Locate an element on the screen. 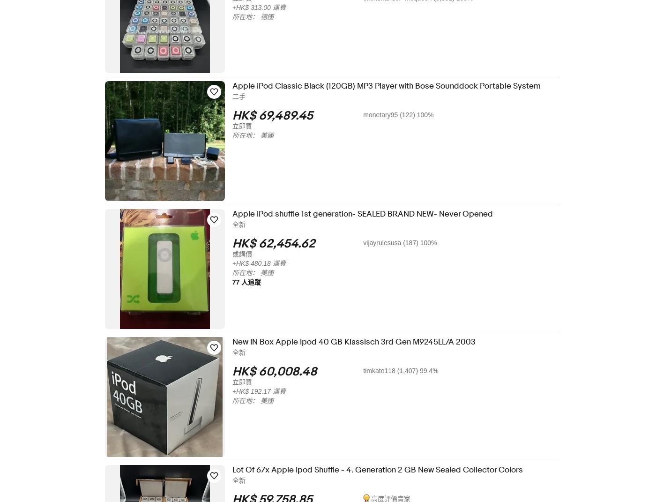  'New IN Box Apple Ipod 40 GB Klassisch 3rd Gen M9245LL/A 2003' is located at coordinates (360, 342).